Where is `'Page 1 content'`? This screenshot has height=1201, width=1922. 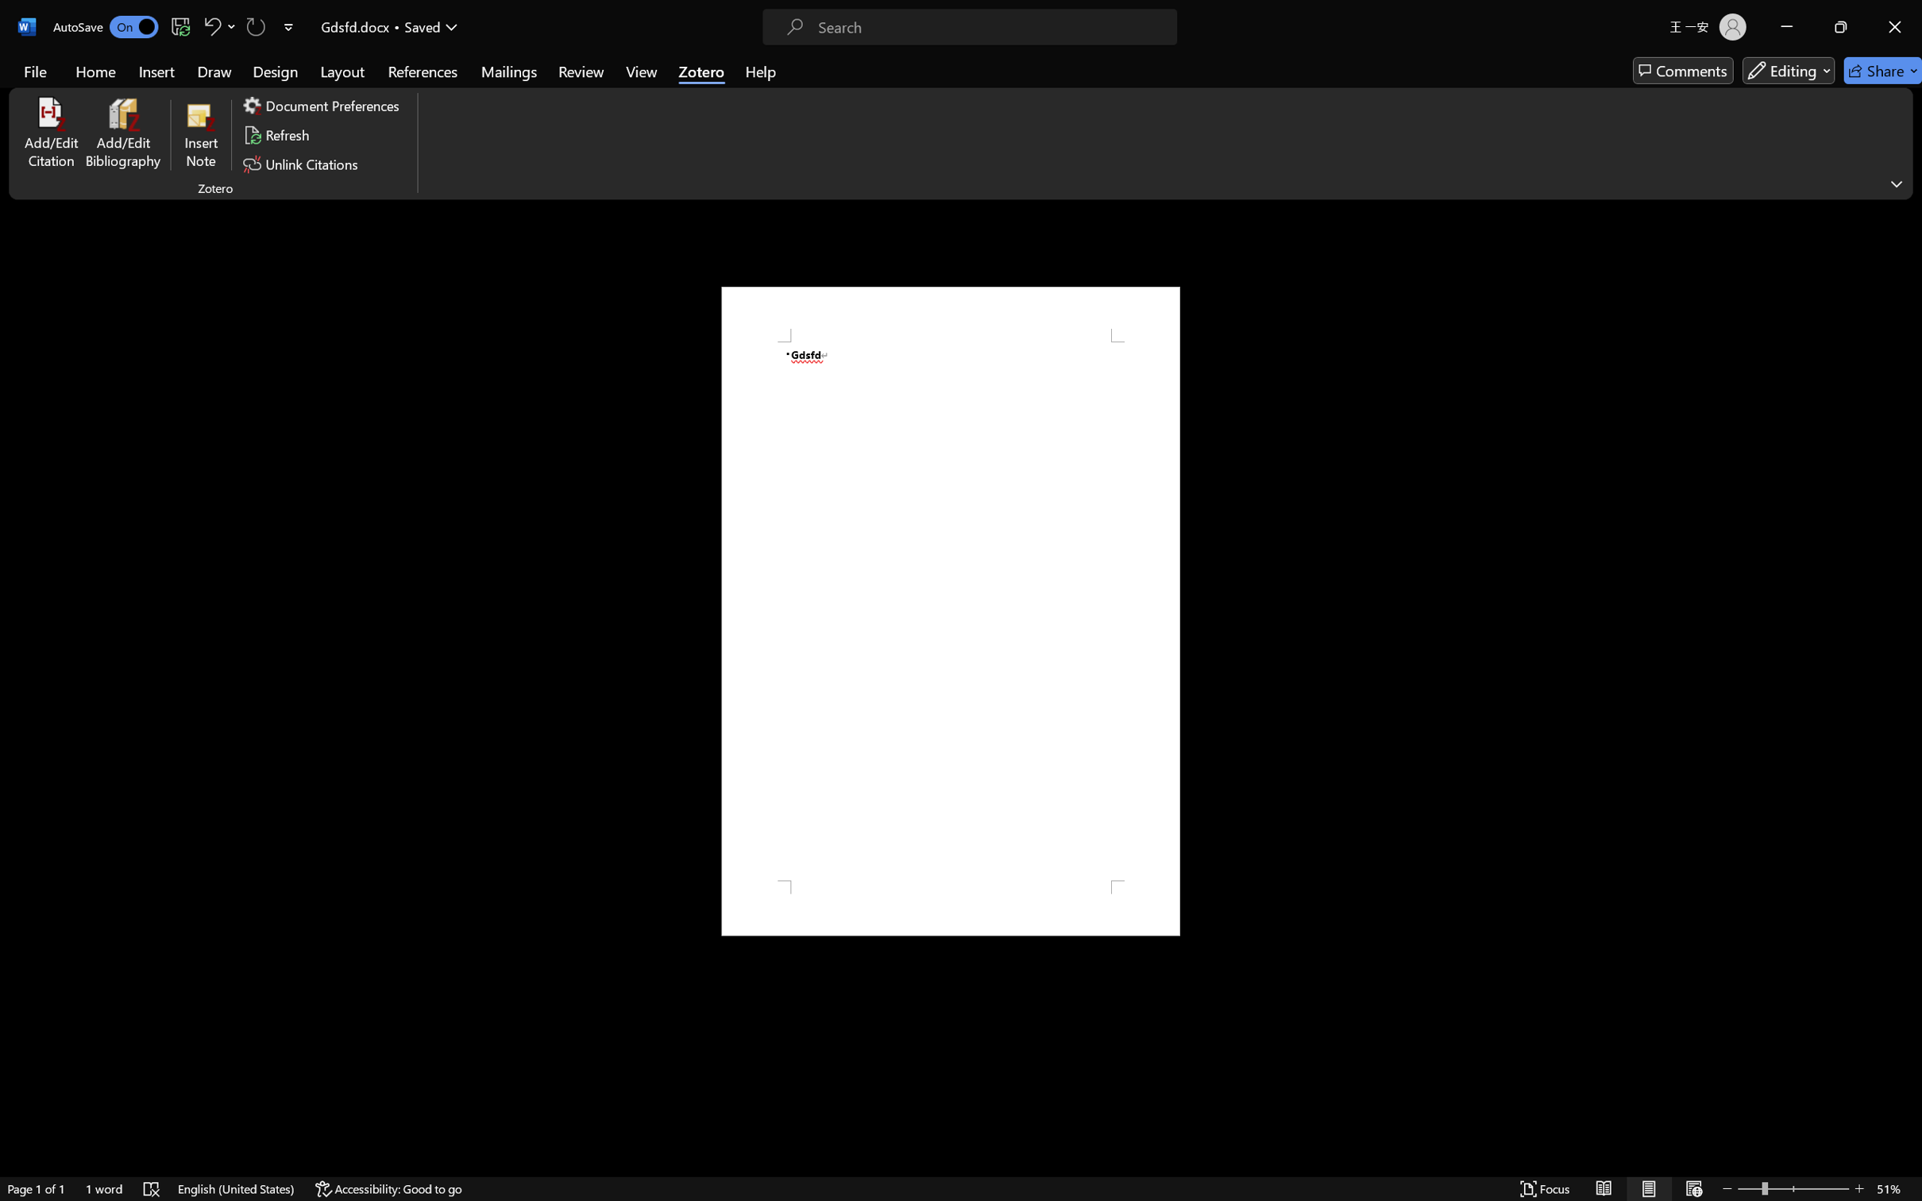
'Page 1 content' is located at coordinates (950, 611).